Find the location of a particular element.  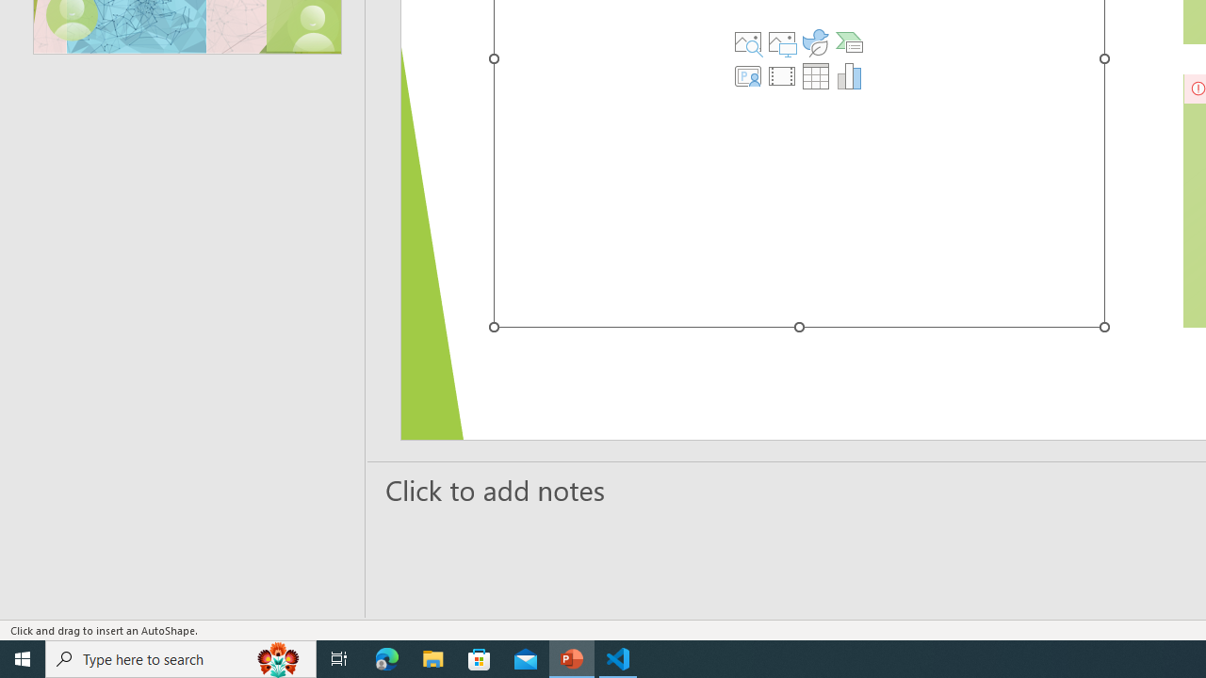

'Insert Chart' is located at coordinates (848, 75).